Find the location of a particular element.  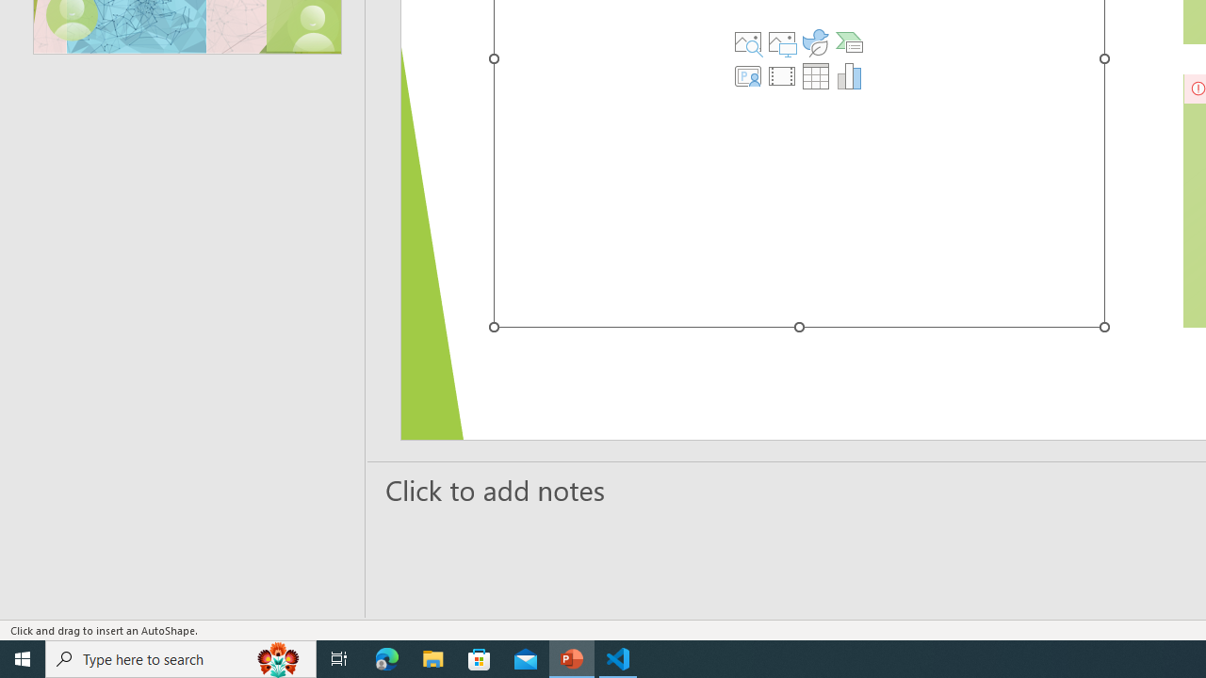

'Insert Chart' is located at coordinates (848, 75).